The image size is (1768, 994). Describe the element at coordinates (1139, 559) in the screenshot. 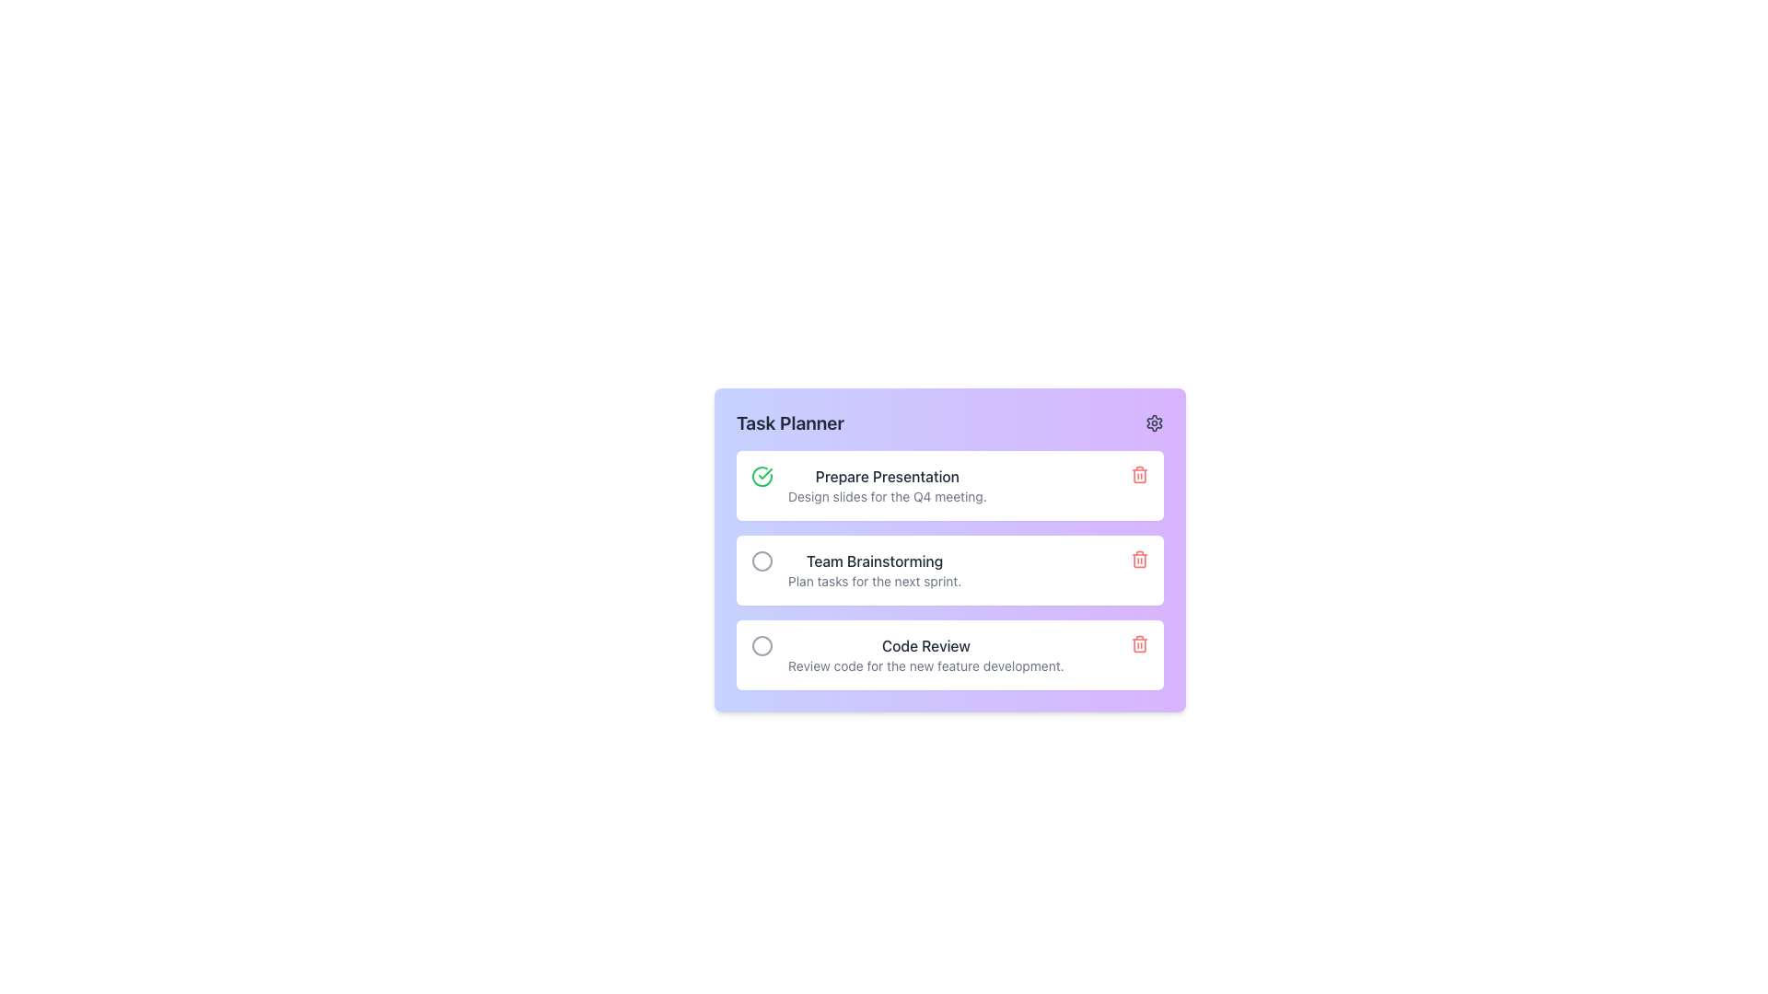

I see `the delete icon button located in the top-right corner of the 'Team Brainstorming' card` at that location.